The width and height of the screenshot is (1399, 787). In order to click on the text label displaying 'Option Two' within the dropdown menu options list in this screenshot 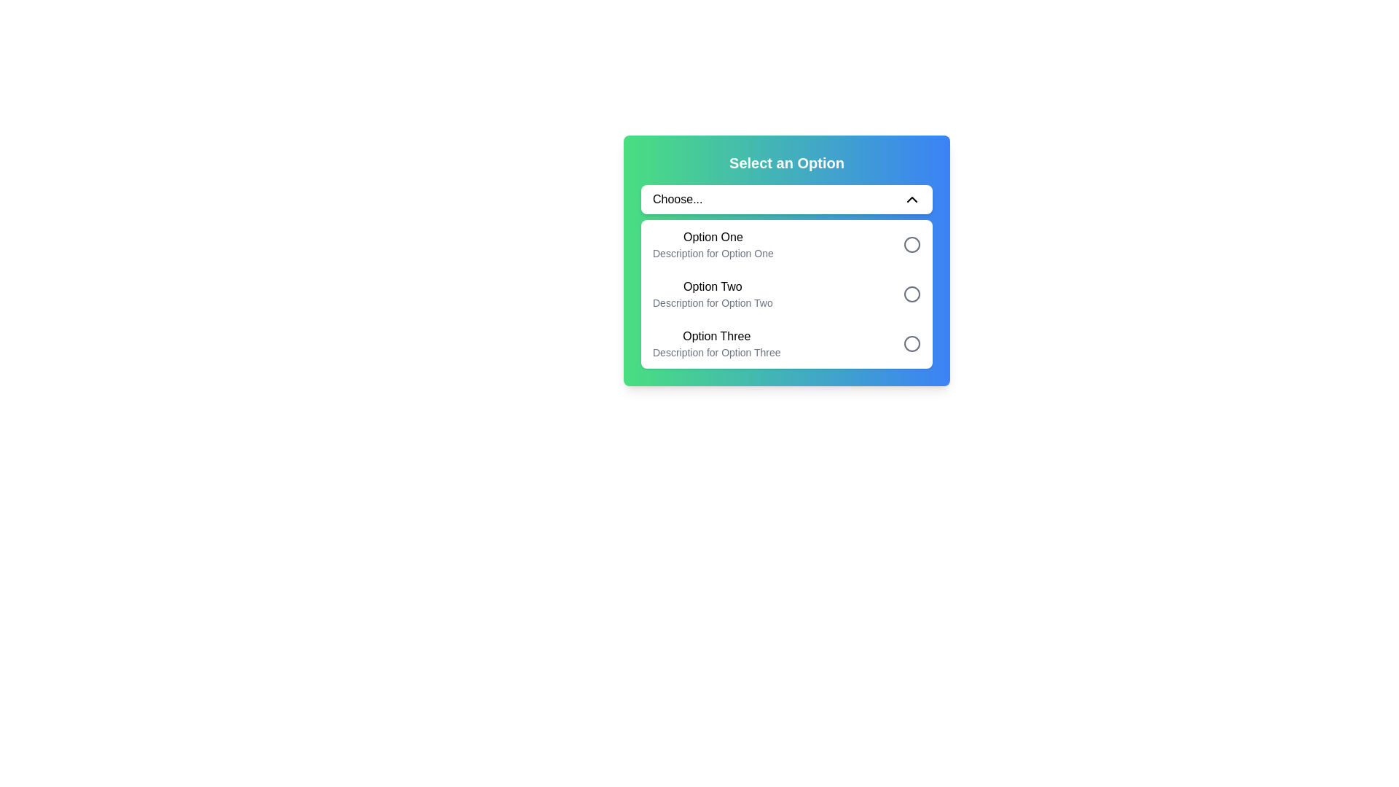, I will do `click(713, 286)`.